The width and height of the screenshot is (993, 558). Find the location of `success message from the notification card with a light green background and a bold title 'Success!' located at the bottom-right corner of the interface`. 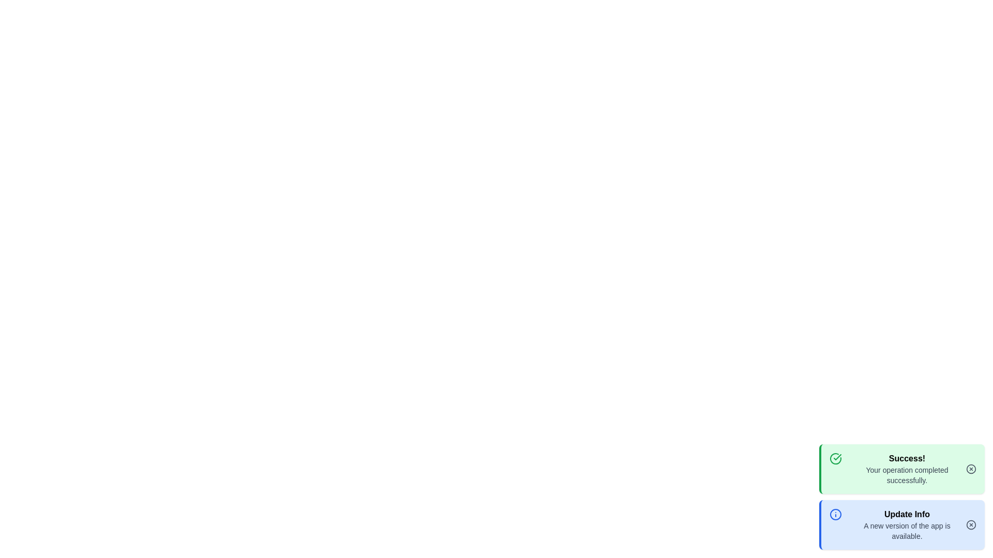

success message from the notification card with a light green background and a bold title 'Success!' located at the bottom-right corner of the interface is located at coordinates (901, 469).